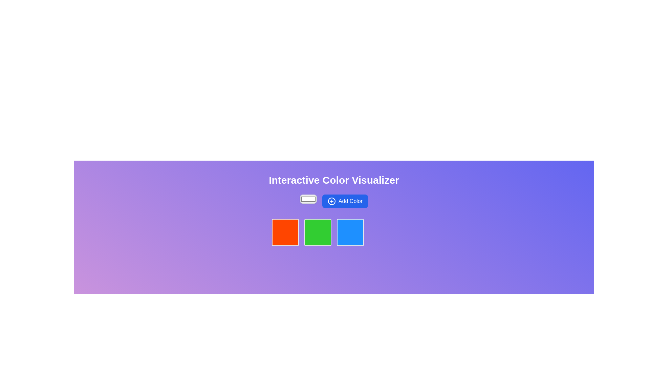 The width and height of the screenshot is (650, 366). Describe the element at coordinates (350, 232) in the screenshot. I see `the hover effect on the blue square with rounded corners that is the third in a row of four squares, located beneath the 'Add Color' button and input field` at that location.